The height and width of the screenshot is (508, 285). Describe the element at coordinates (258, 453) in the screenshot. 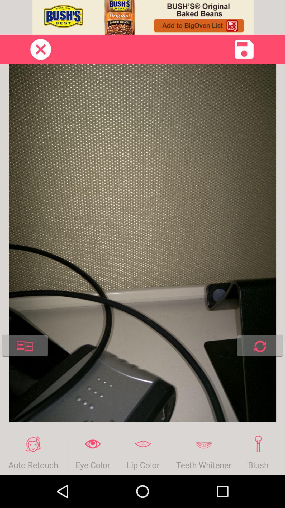

I see `item to the right of the teeth whitener icon` at that location.